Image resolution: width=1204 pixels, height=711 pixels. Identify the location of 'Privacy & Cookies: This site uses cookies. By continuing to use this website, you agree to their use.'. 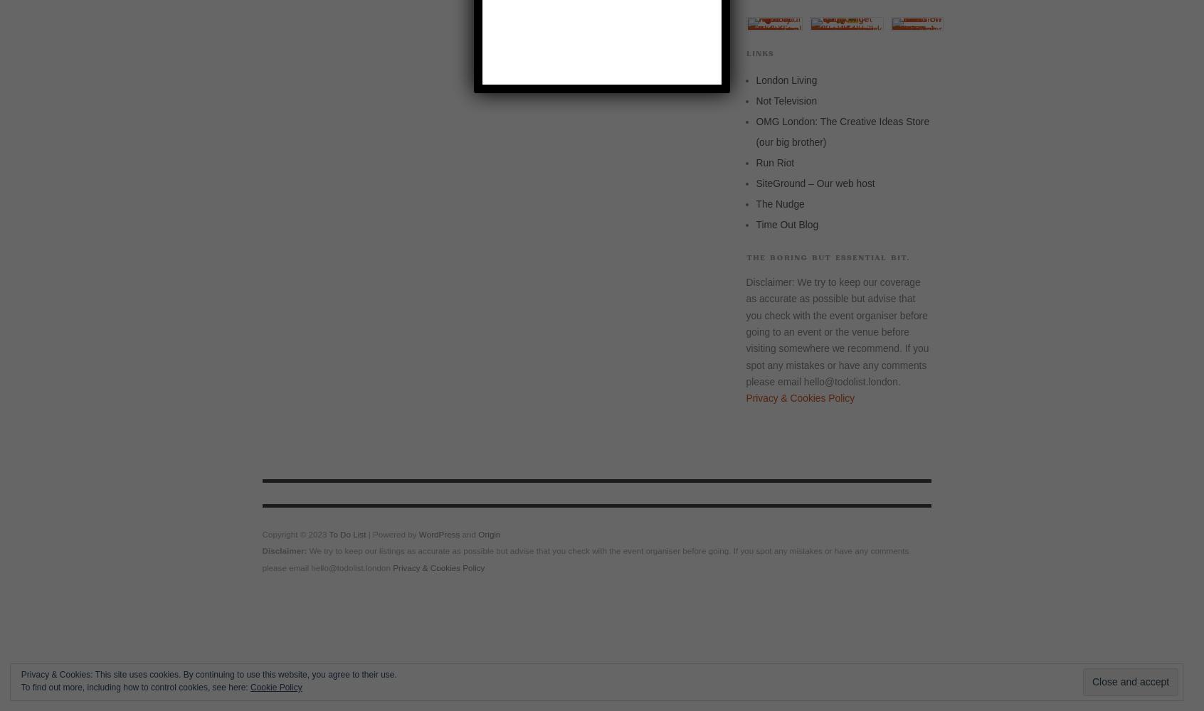
(208, 674).